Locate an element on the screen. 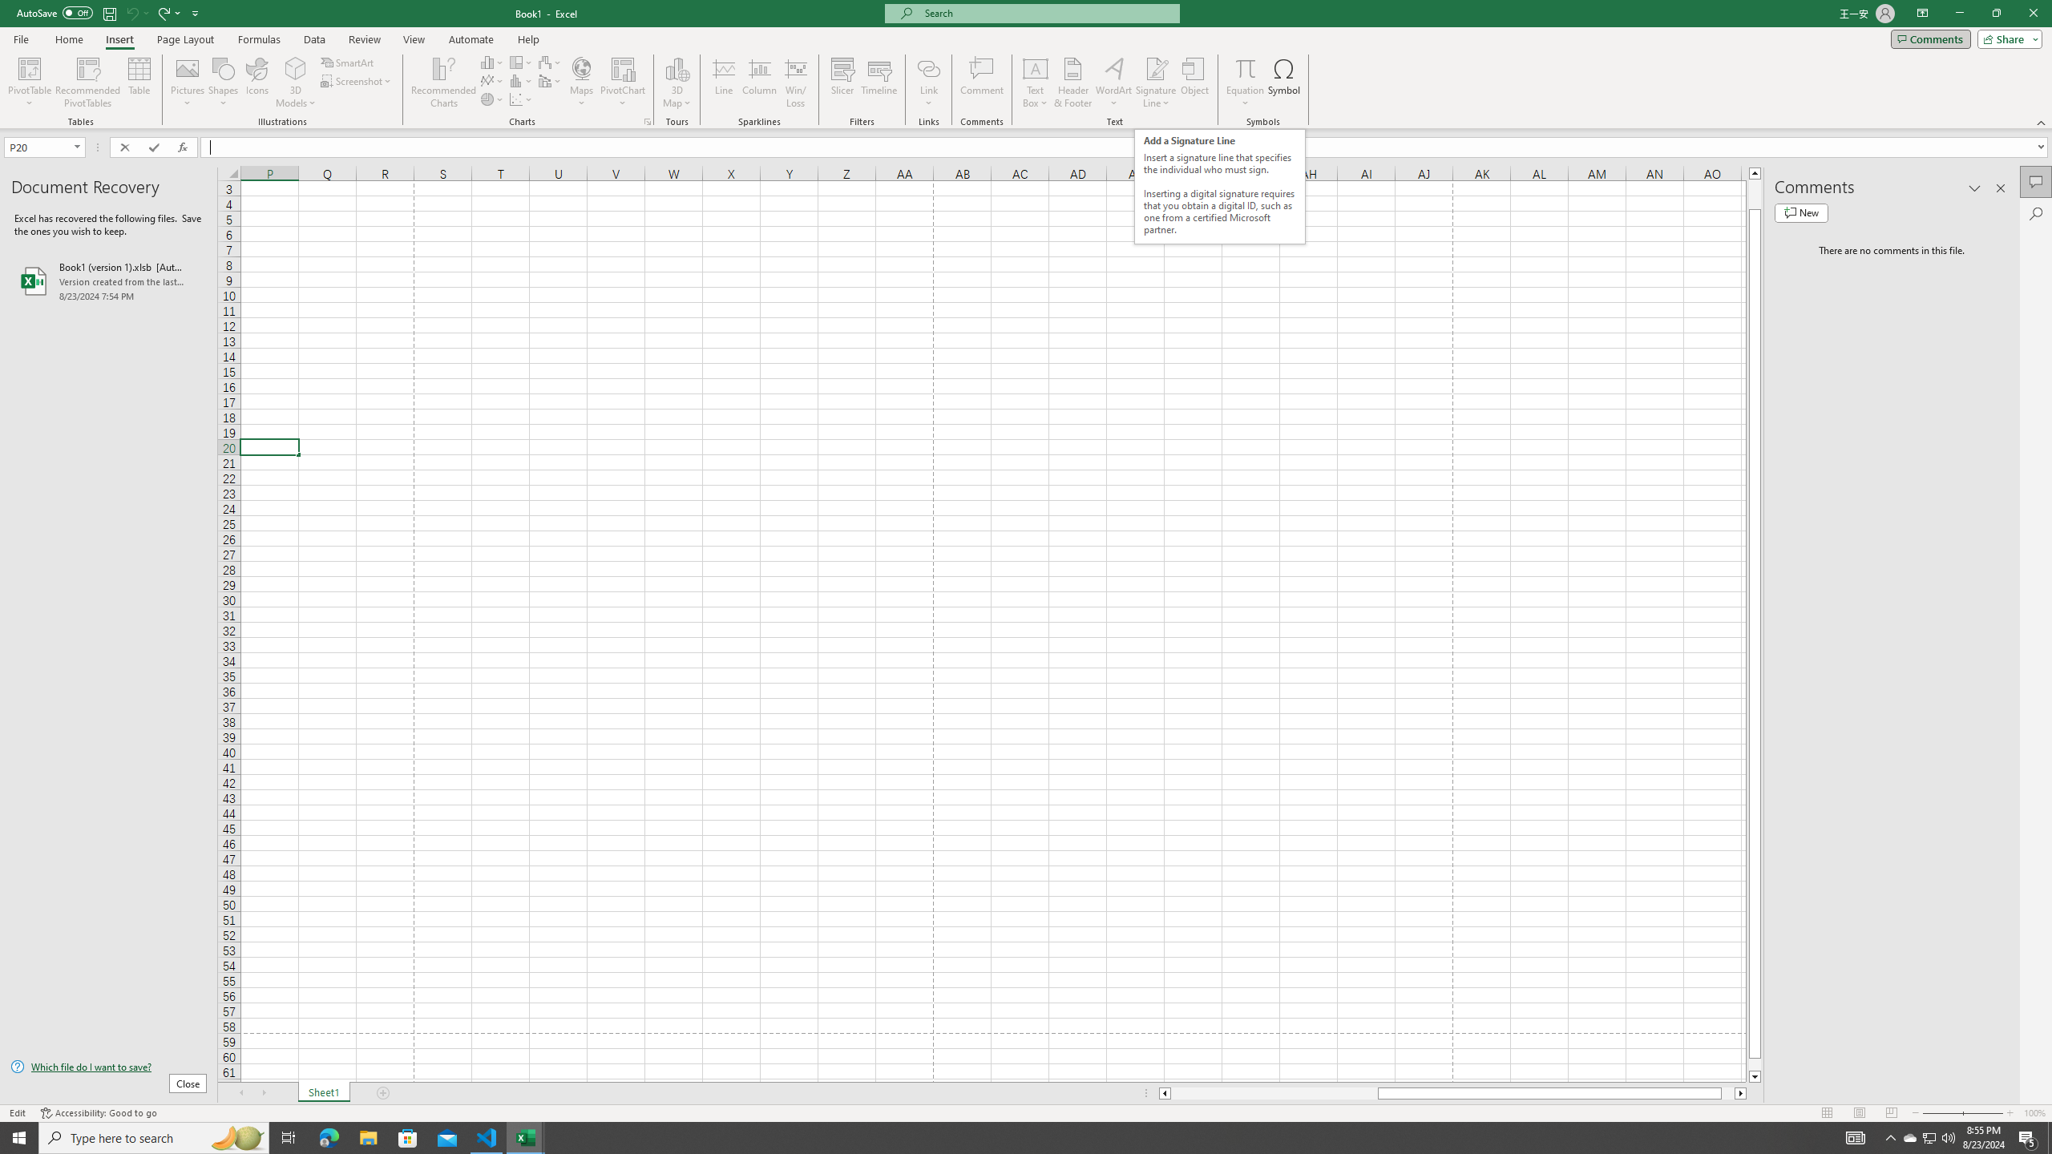 This screenshot has height=1154, width=2052. 'Link' is located at coordinates (928, 67).